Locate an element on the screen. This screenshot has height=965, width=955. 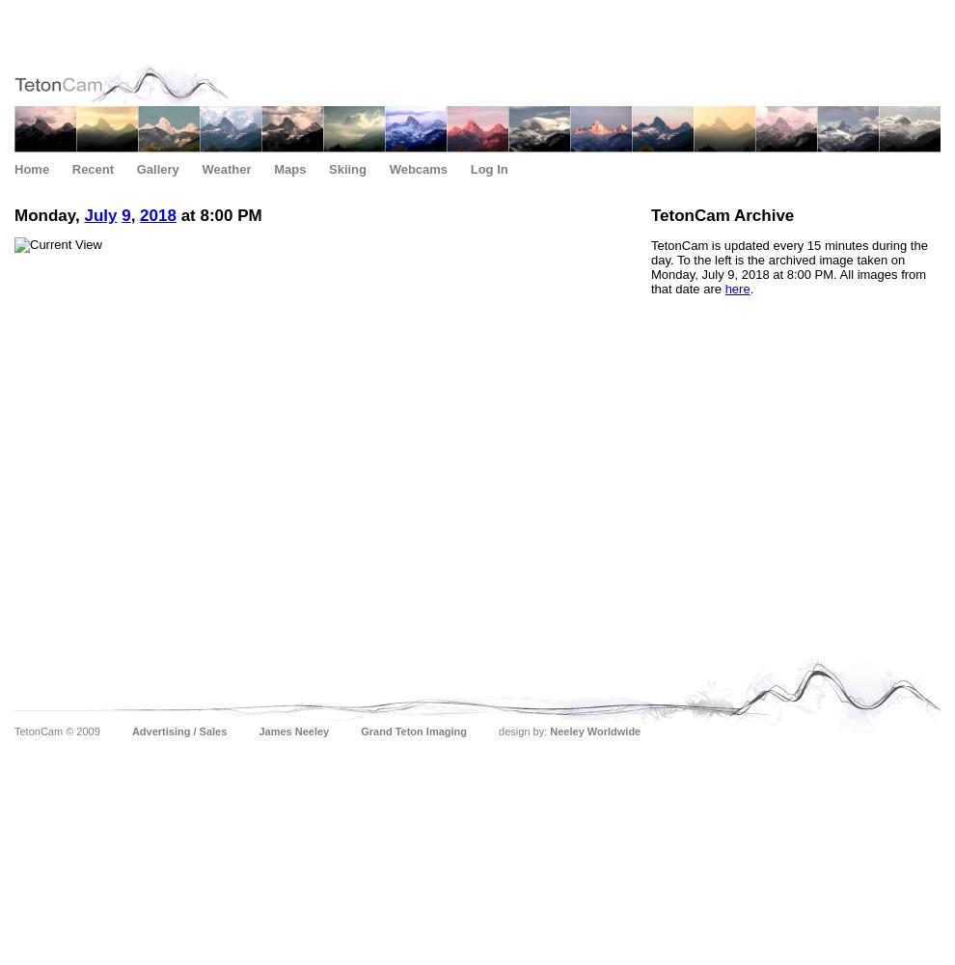
'Log In' is located at coordinates (469, 169).